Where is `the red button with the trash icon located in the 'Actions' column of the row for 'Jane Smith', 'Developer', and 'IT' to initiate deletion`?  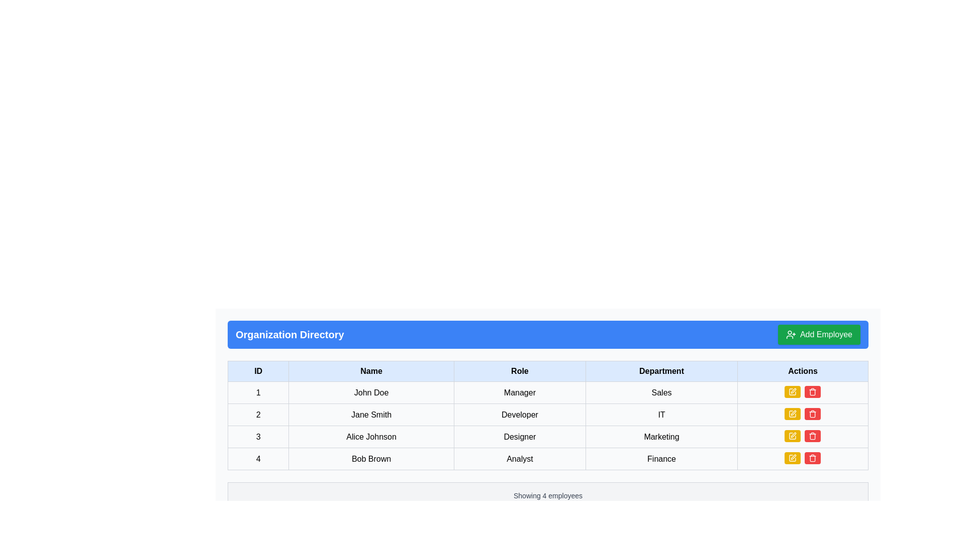 the red button with the trash icon located in the 'Actions' column of the row for 'Jane Smith', 'Developer', and 'IT' to initiate deletion is located at coordinates (802, 415).